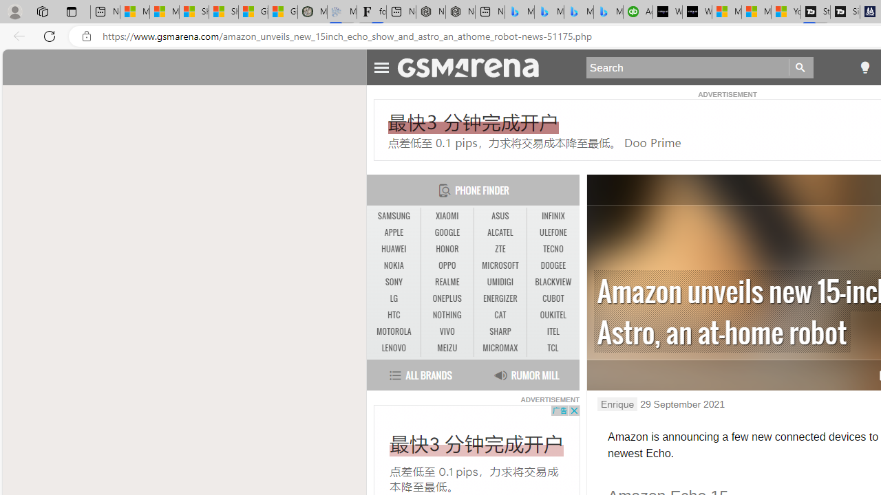  What do you see at coordinates (815, 12) in the screenshot?
I see `'Streaming Coverage | T3'` at bounding box center [815, 12].